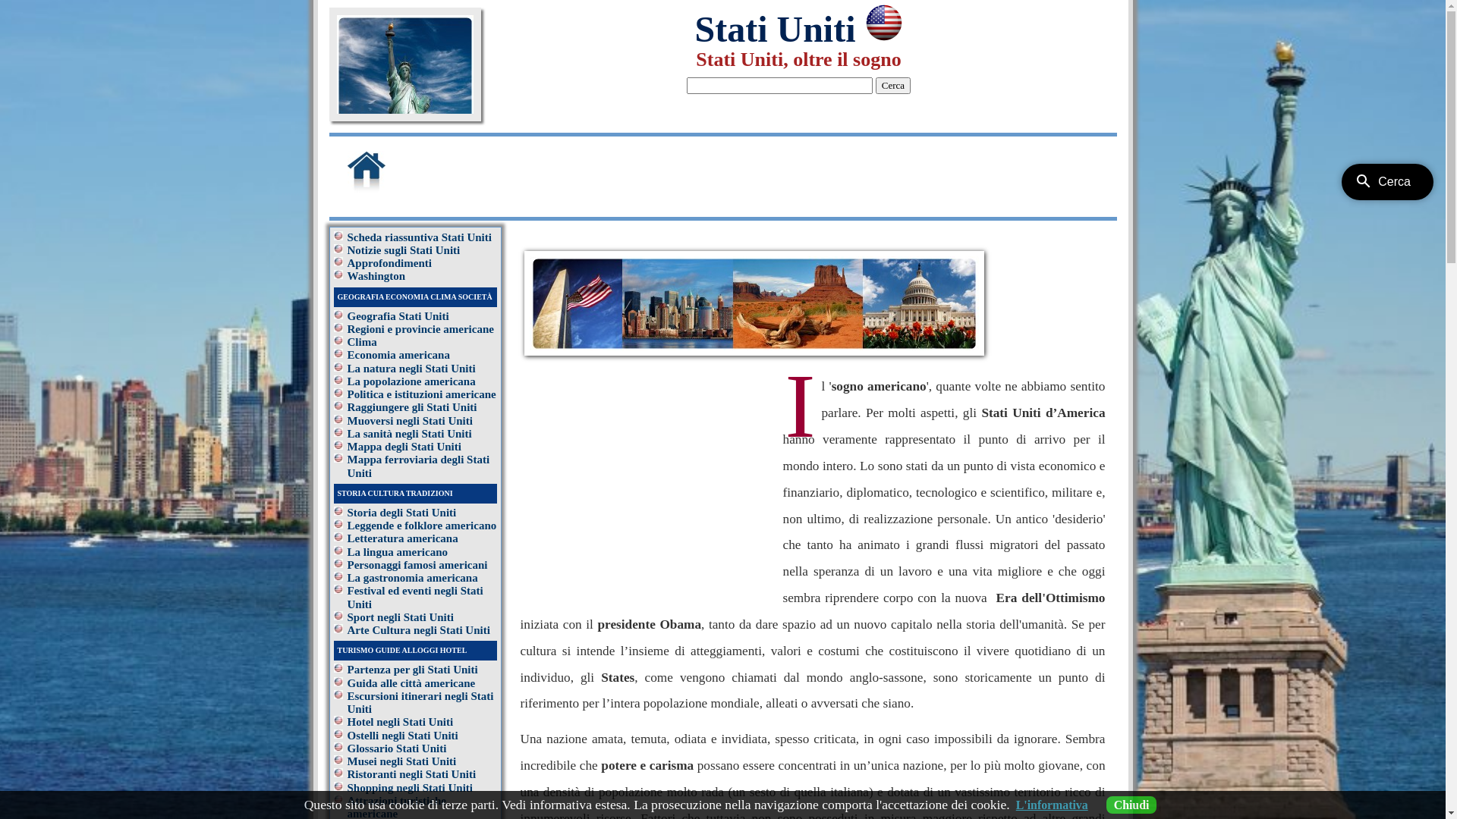 The height and width of the screenshot is (819, 1457). What do you see at coordinates (892, 85) in the screenshot?
I see `'Cerca'` at bounding box center [892, 85].